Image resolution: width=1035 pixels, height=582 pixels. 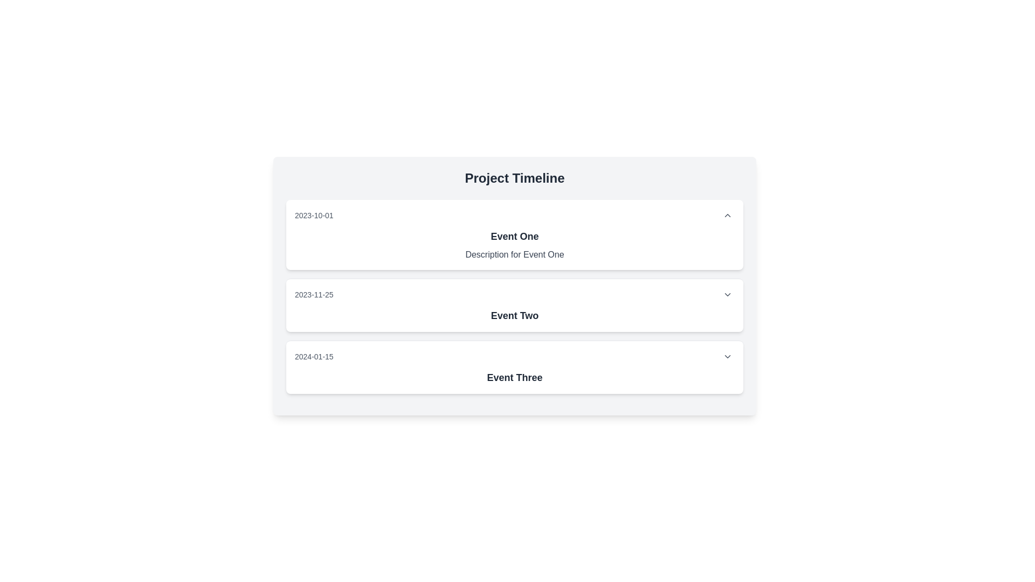 I want to click on the downward-pointing chevron icon in the 'Event Three' row of the timeline interface, so click(x=727, y=357).